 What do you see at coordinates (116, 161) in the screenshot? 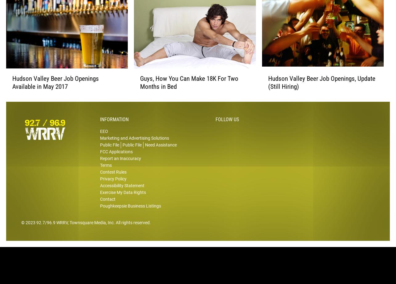
I see `'FCC Applications'` at bounding box center [116, 161].